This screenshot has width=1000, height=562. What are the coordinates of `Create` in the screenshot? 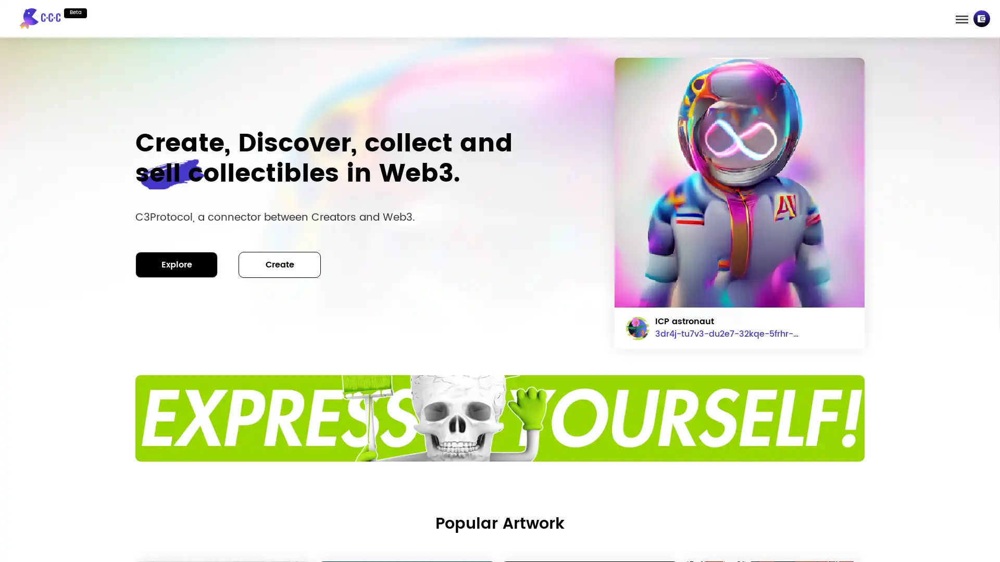 It's located at (280, 264).